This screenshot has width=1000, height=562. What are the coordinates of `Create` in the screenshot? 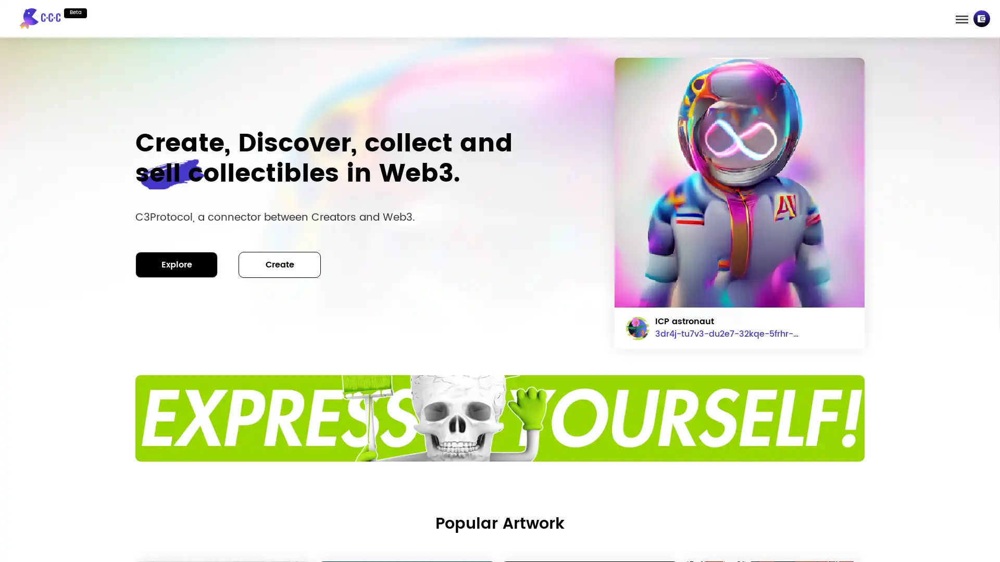 It's located at (280, 264).